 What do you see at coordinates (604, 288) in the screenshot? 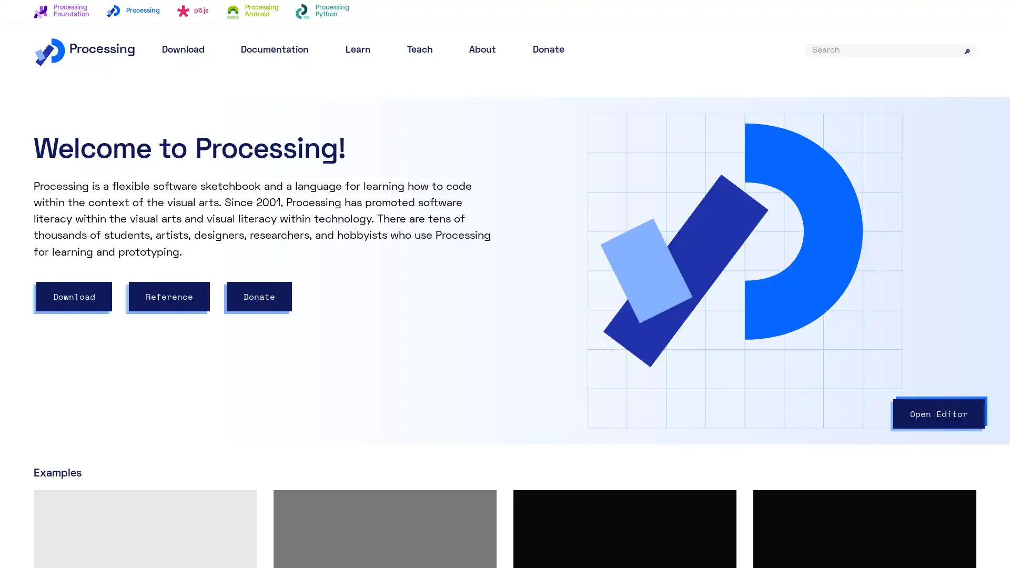
I see `change position` at bounding box center [604, 288].